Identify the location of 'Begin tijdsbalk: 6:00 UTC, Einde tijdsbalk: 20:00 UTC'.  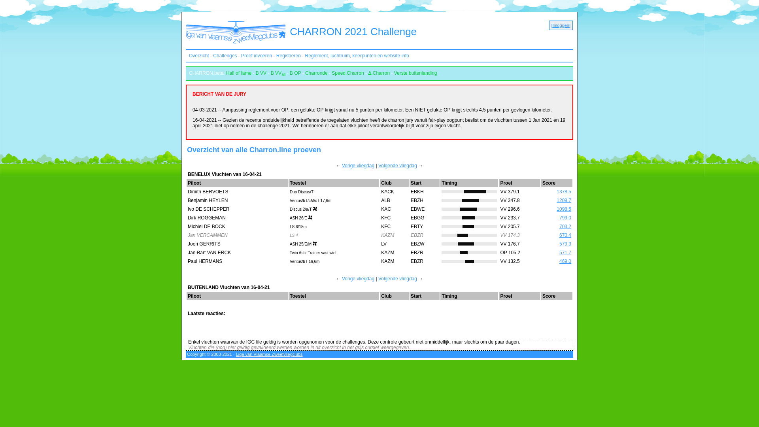
(469, 244).